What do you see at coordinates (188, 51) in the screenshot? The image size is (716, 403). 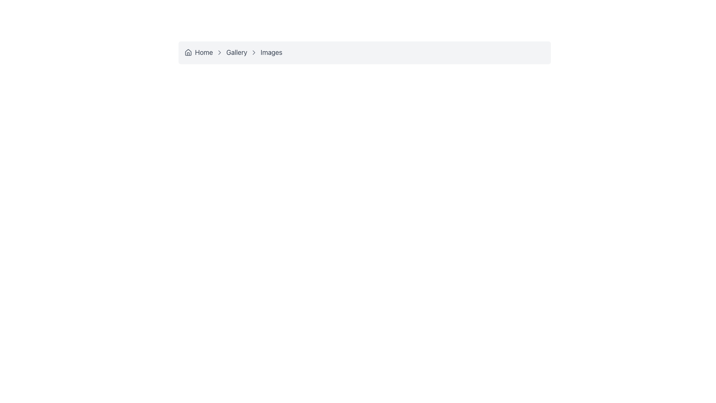 I see `the 'Home' icon within the breadcrumb navigation bar` at bounding box center [188, 51].